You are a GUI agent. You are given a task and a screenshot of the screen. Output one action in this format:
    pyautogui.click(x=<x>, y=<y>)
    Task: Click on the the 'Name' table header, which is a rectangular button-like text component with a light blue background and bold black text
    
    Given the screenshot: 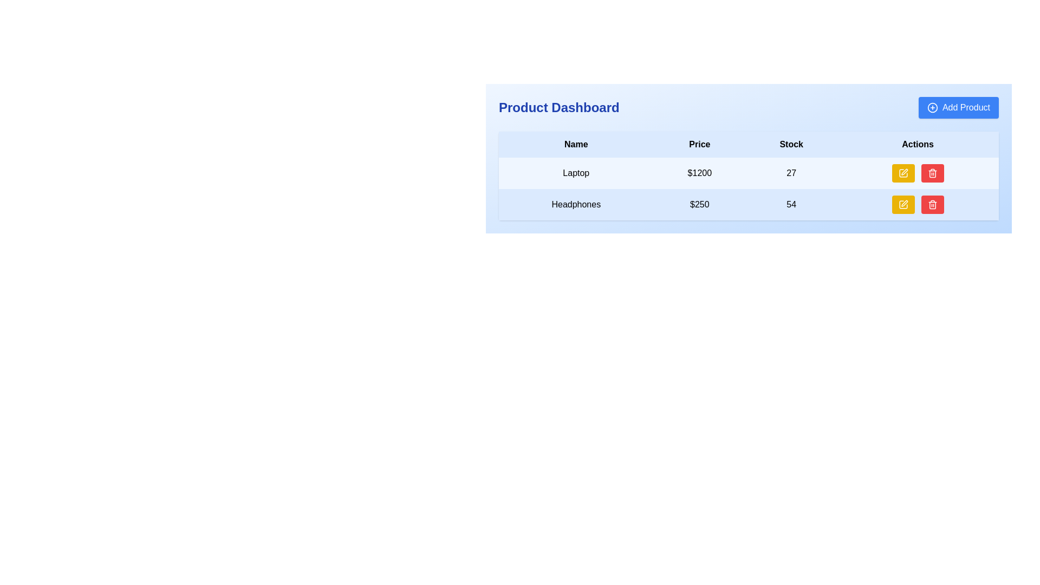 What is the action you would take?
    pyautogui.click(x=575, y=144)
    